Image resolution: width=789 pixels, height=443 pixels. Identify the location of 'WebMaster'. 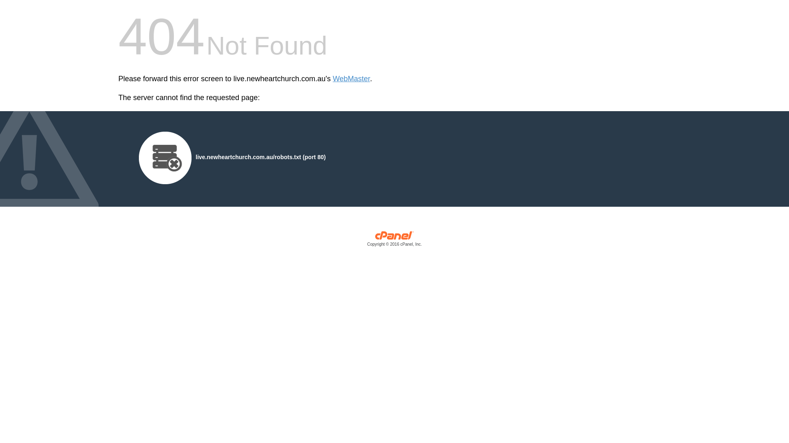
(333, 79).